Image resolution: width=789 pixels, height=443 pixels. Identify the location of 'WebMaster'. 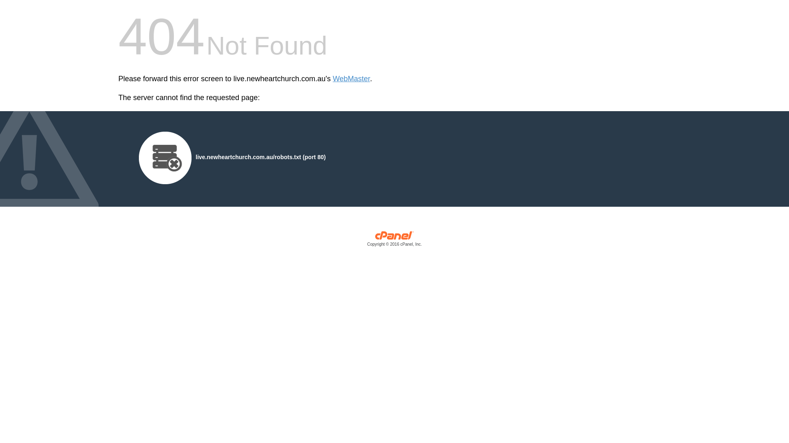
(333, 79).